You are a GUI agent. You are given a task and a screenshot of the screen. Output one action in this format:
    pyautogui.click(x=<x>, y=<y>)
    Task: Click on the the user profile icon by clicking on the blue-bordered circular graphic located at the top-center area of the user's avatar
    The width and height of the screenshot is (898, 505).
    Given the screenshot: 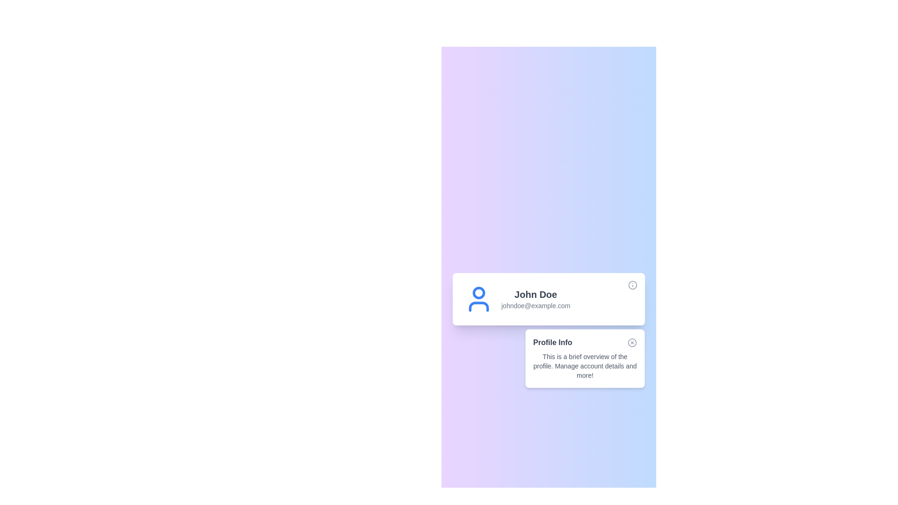 What is the action you would take?
    pyautogui.click(x=478, y=292)
    